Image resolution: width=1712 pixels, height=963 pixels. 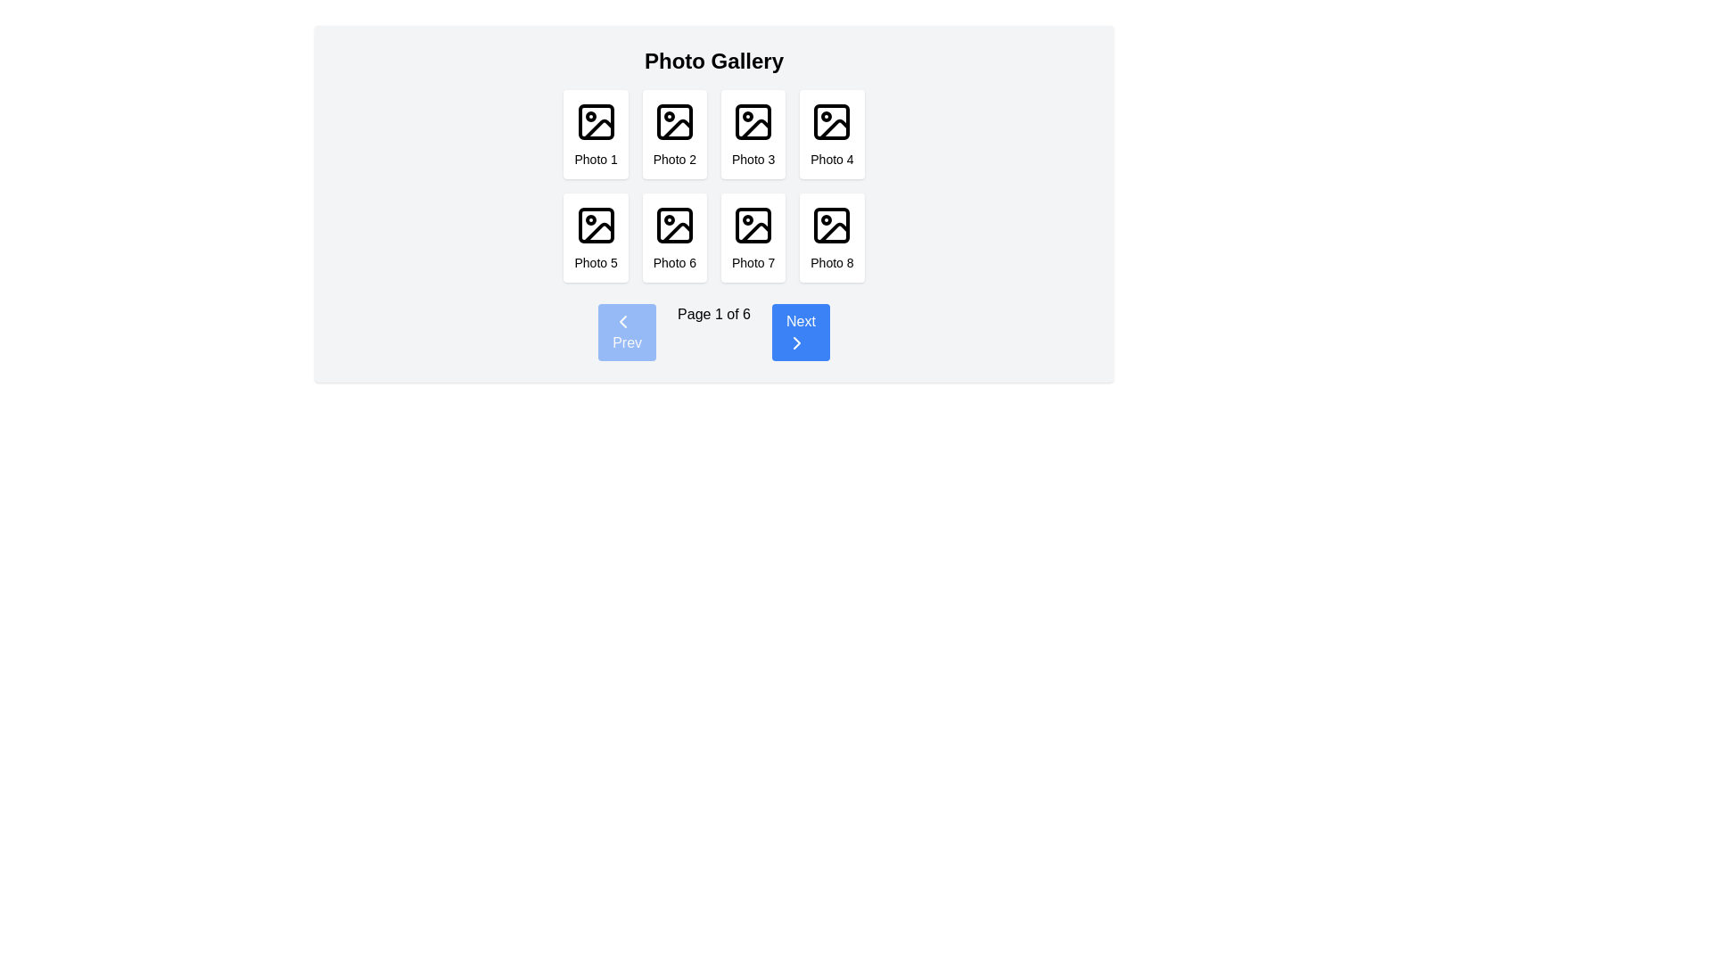 I want to click on the second tile in the grid of the Photo Gallery, which is labeled 'Photo 6', so click(x=673, y=236).